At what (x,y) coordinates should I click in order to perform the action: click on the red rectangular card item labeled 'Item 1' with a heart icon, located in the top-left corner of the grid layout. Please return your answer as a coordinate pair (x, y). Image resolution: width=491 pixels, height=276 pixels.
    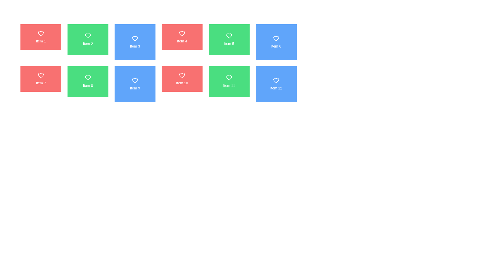
    Looking at the image, I should click on (40, 37).